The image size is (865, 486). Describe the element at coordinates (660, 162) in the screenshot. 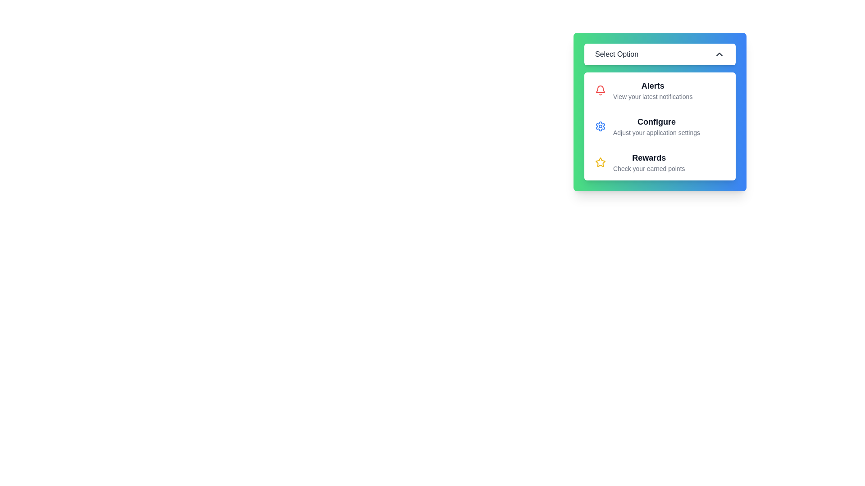

I see `the third menu item labeled 'Rewards' with a yellow star icon and a subheading 'Check your earned points' in the dropdown menu` at that location.